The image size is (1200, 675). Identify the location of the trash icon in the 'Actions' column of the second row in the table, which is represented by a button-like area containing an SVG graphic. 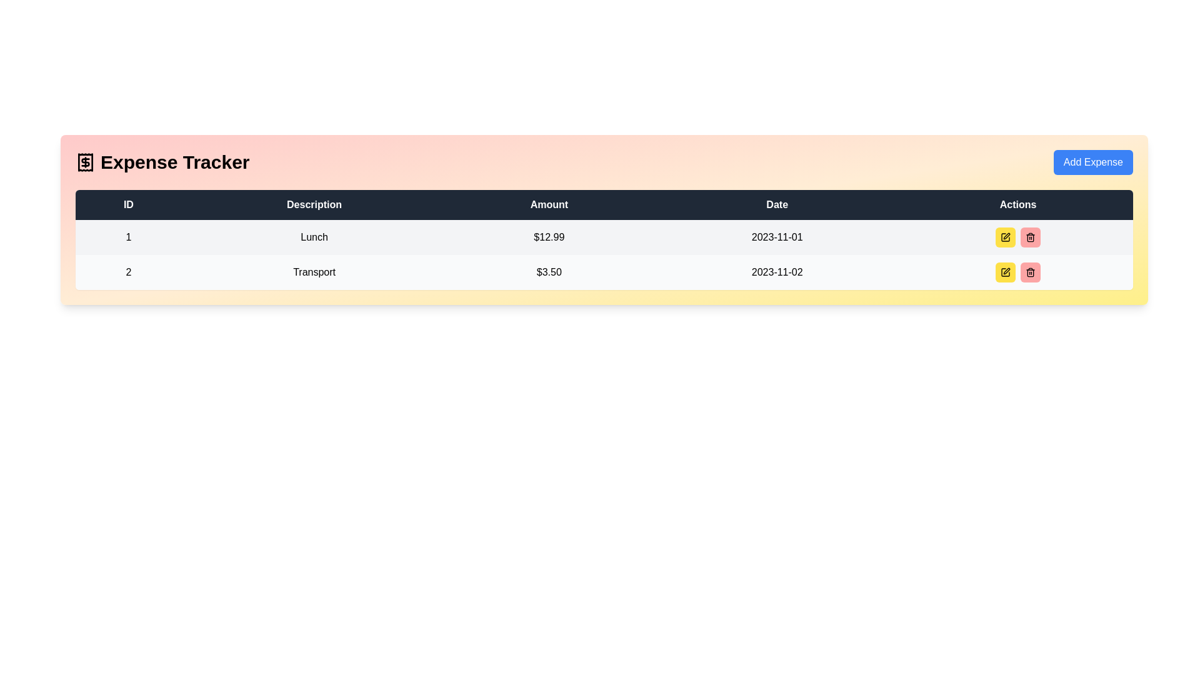
(1031, 272).